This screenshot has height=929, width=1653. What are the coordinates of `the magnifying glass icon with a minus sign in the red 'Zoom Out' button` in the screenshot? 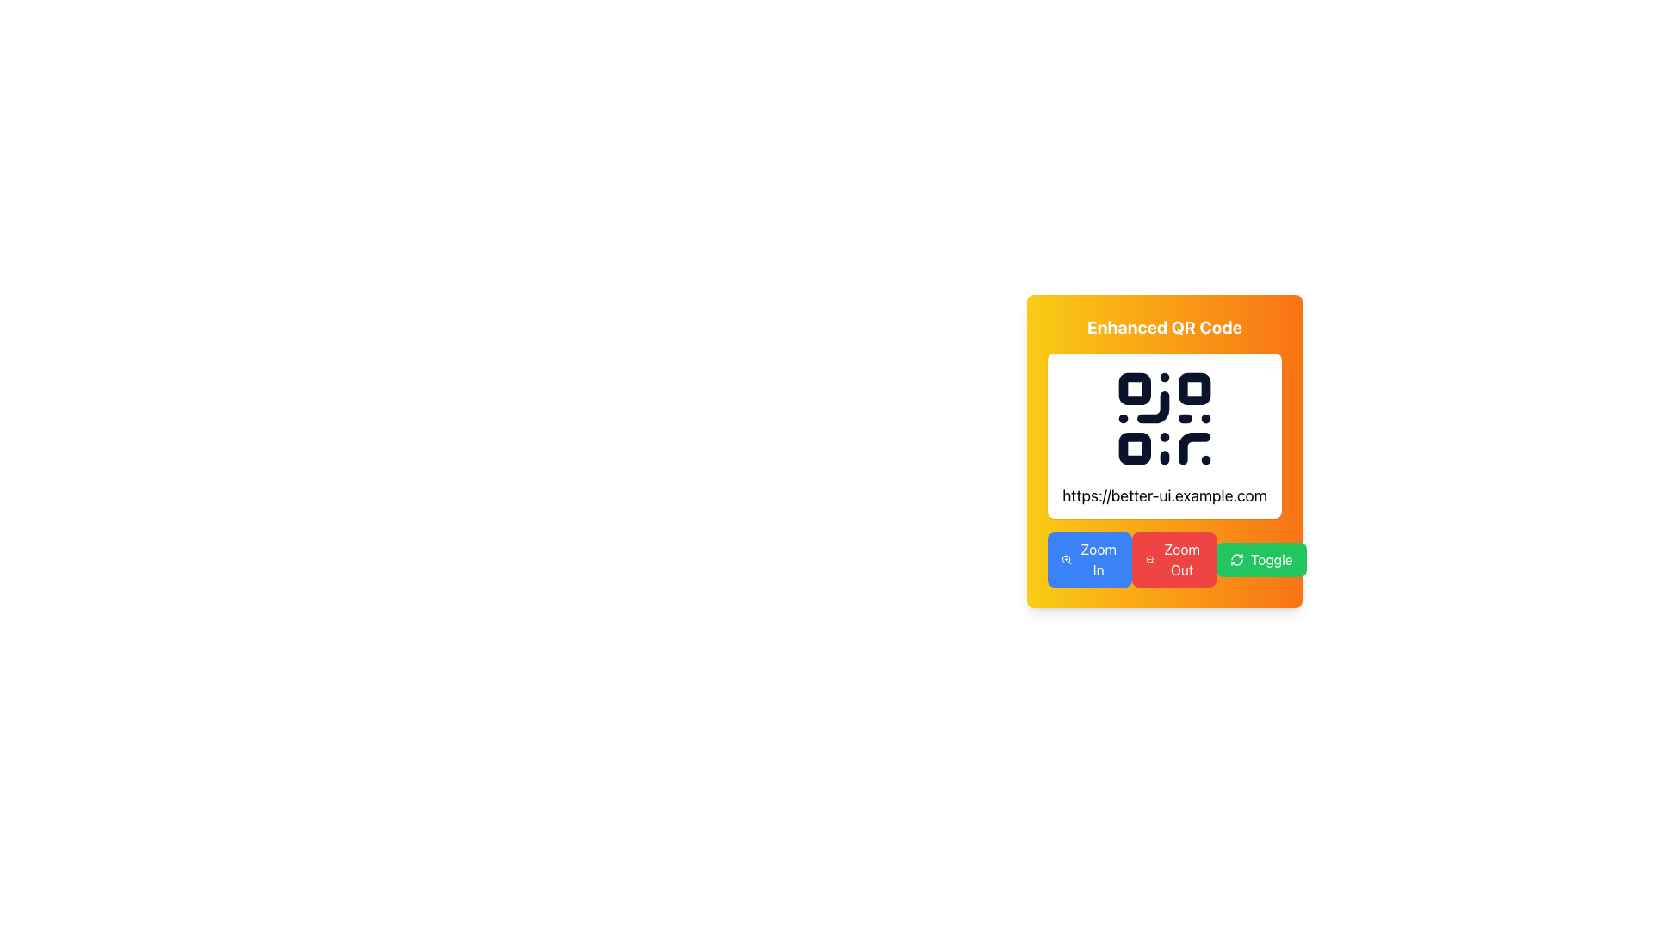 It's located at (1150, 560).